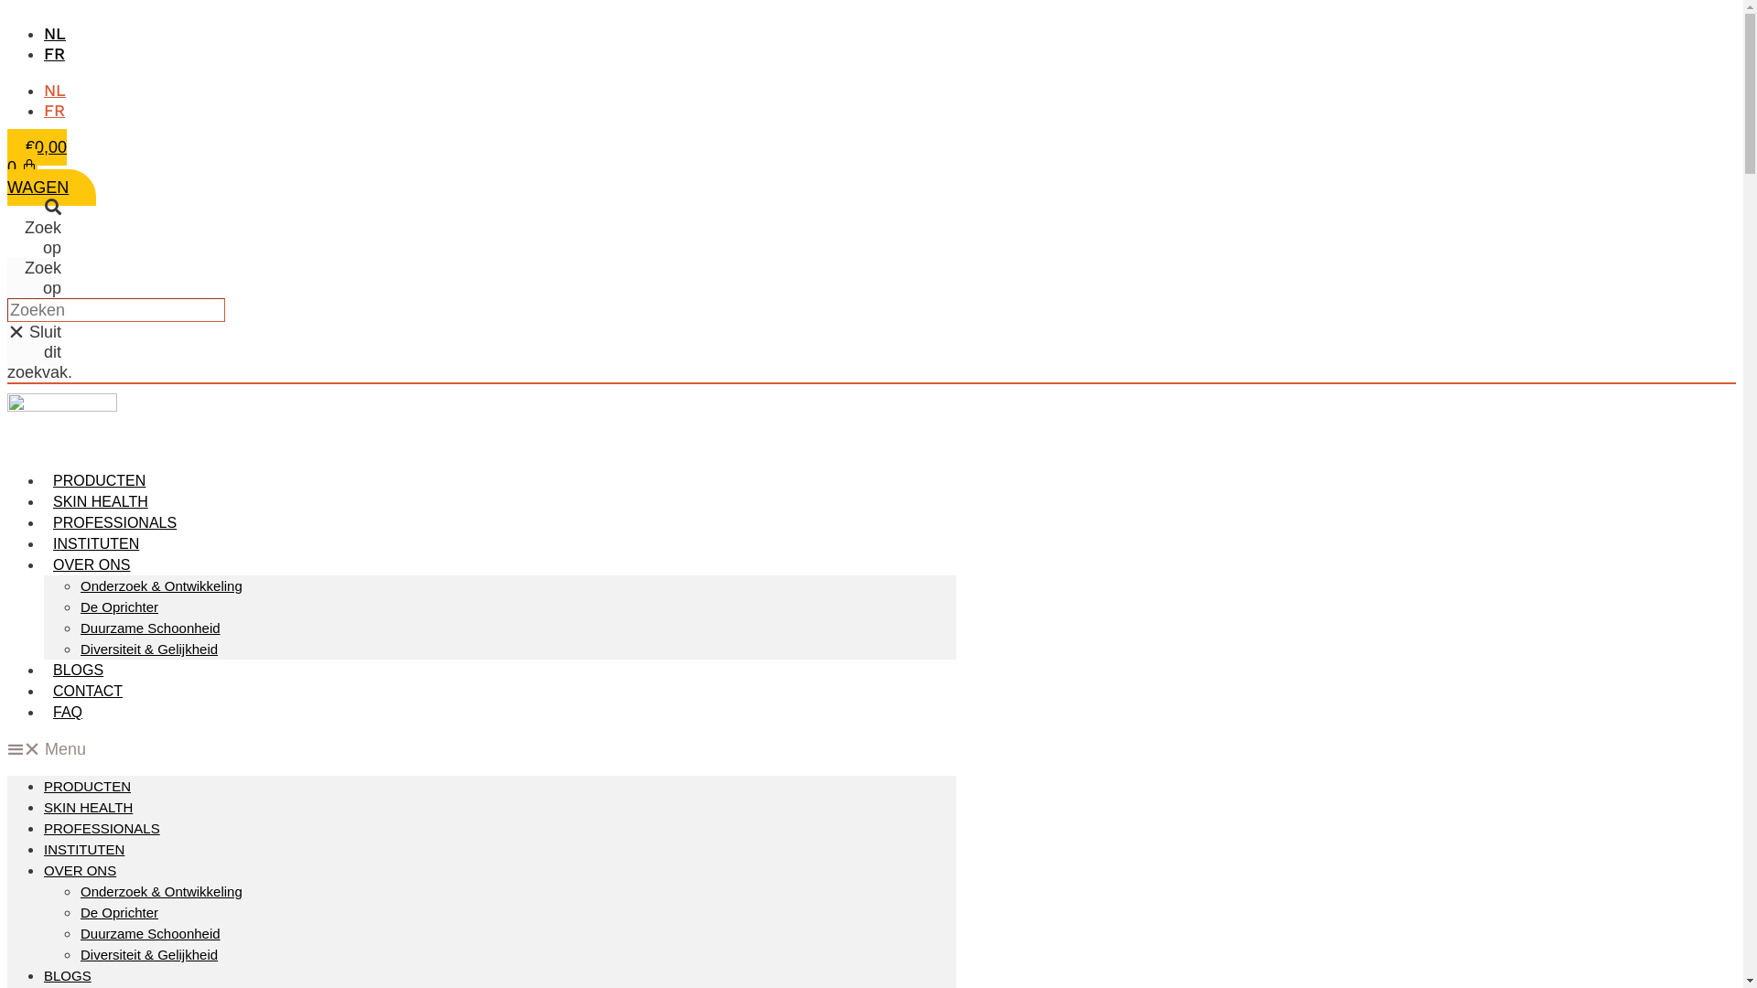 The image size is (1757, 988). Describe the element at coordinates (54, 110) in the screenshot. I see `'FR'` at that location.